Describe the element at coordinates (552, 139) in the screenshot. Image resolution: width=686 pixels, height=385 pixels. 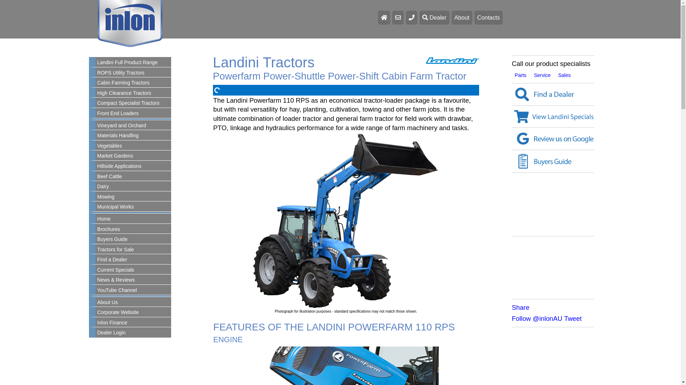
I see `'Review us on Google'` at that location.